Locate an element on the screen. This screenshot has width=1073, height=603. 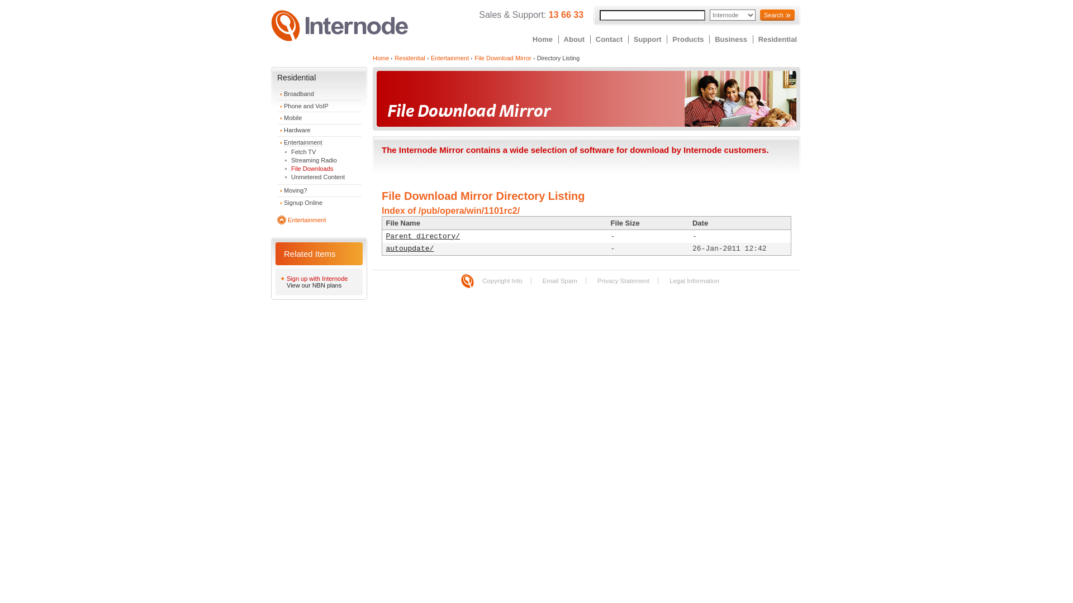
'Parent directory/' is located at coordinates (386, 236).